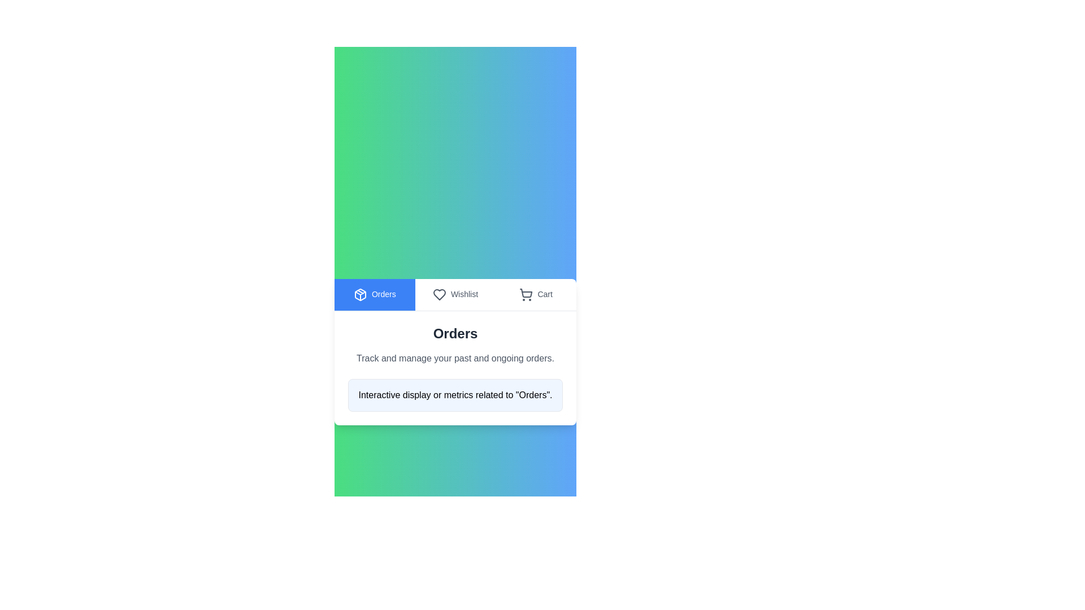  Describe the element at coordinates (535, 294) in the screenshot. I see `the Cart tab by clicking on it` at that location.